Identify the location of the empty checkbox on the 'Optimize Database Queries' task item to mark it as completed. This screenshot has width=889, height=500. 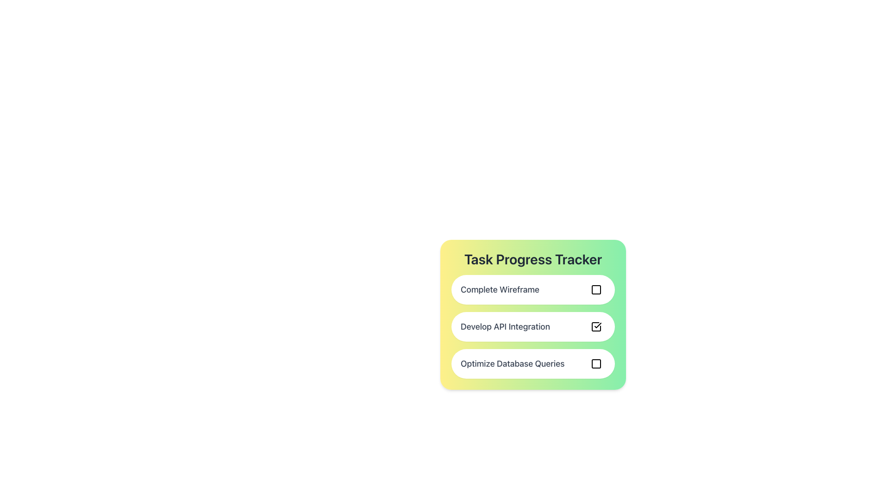
(533, 363).